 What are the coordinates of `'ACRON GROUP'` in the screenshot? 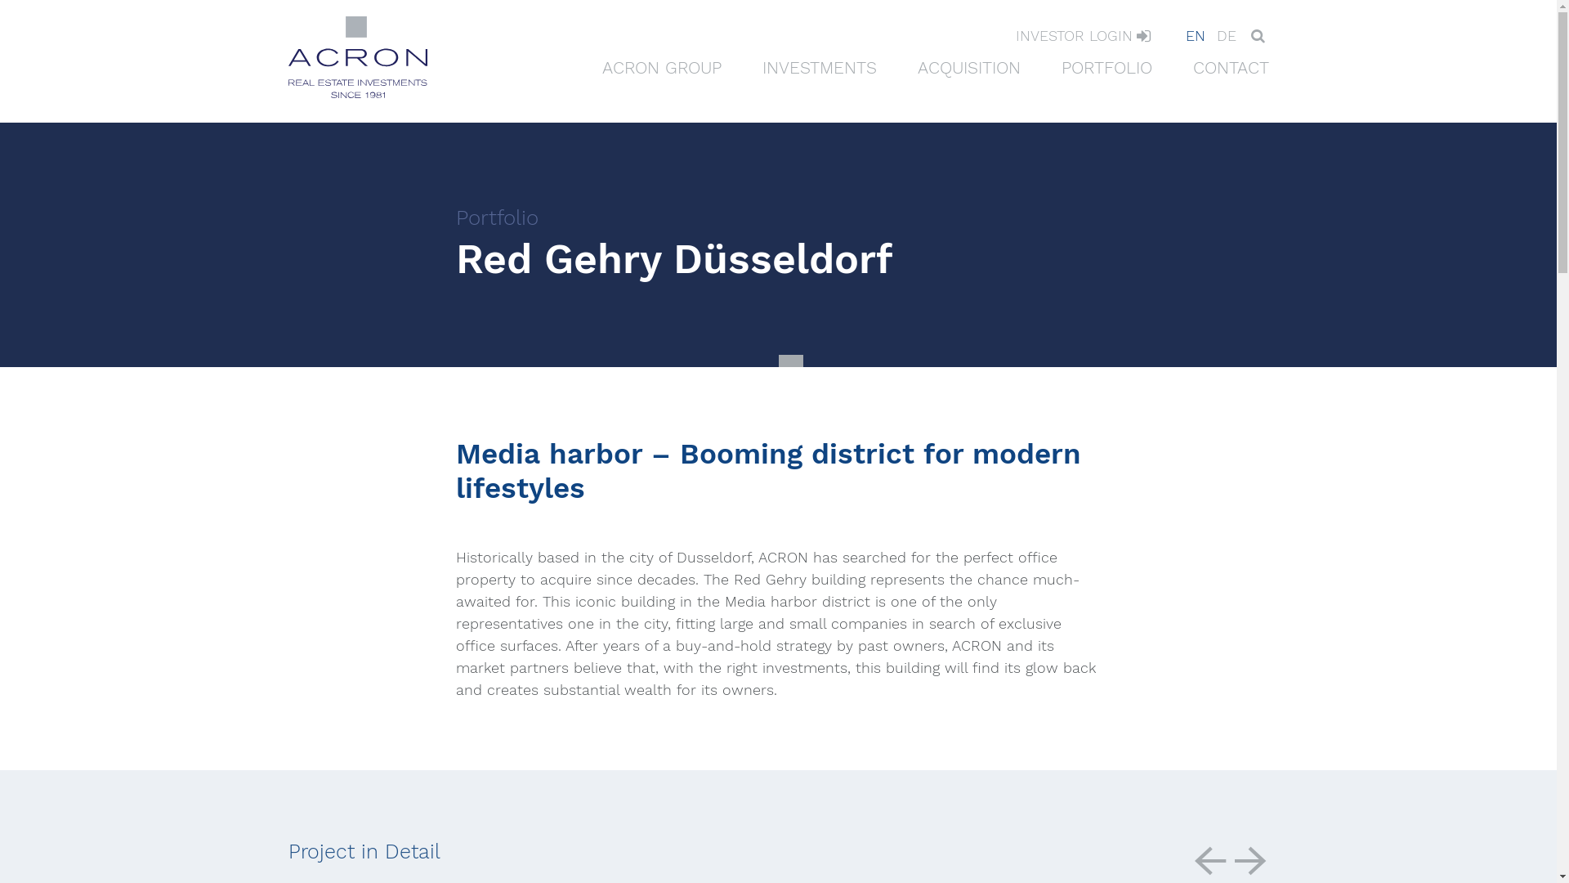 It's located at (661, 66).